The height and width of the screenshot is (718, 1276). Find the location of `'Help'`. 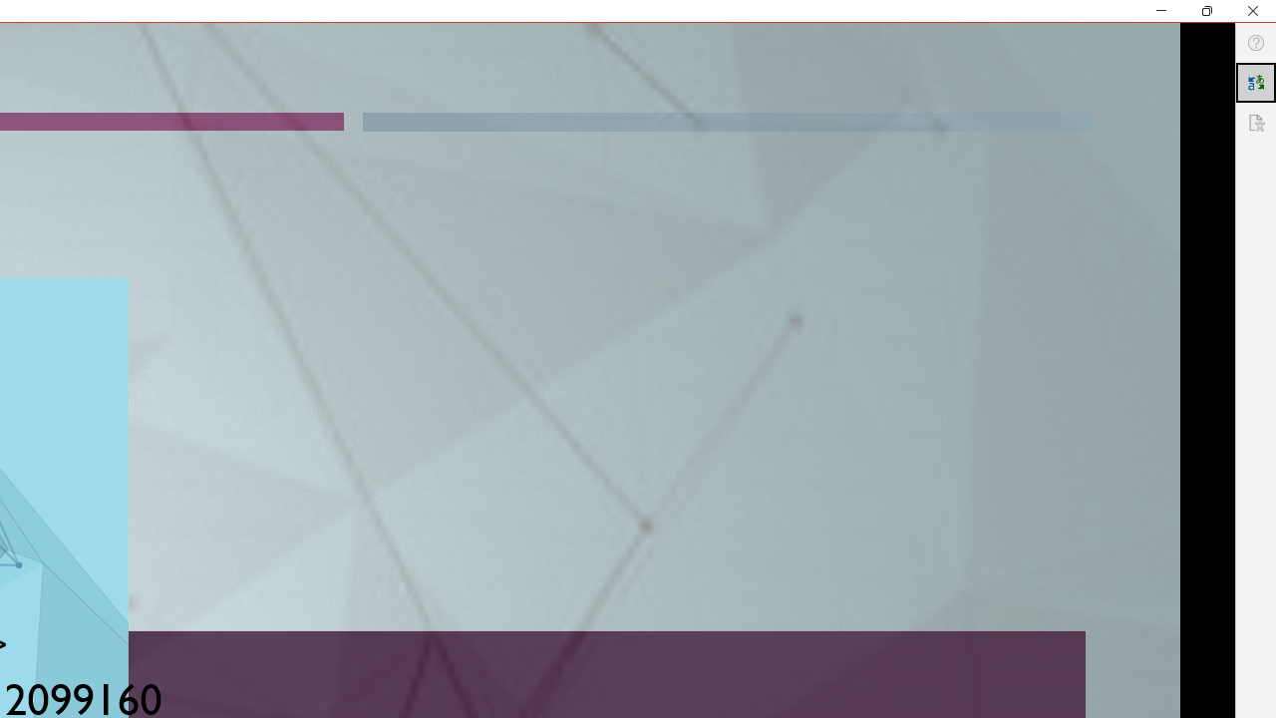

'Help' is located at coordinates (1255, 43).